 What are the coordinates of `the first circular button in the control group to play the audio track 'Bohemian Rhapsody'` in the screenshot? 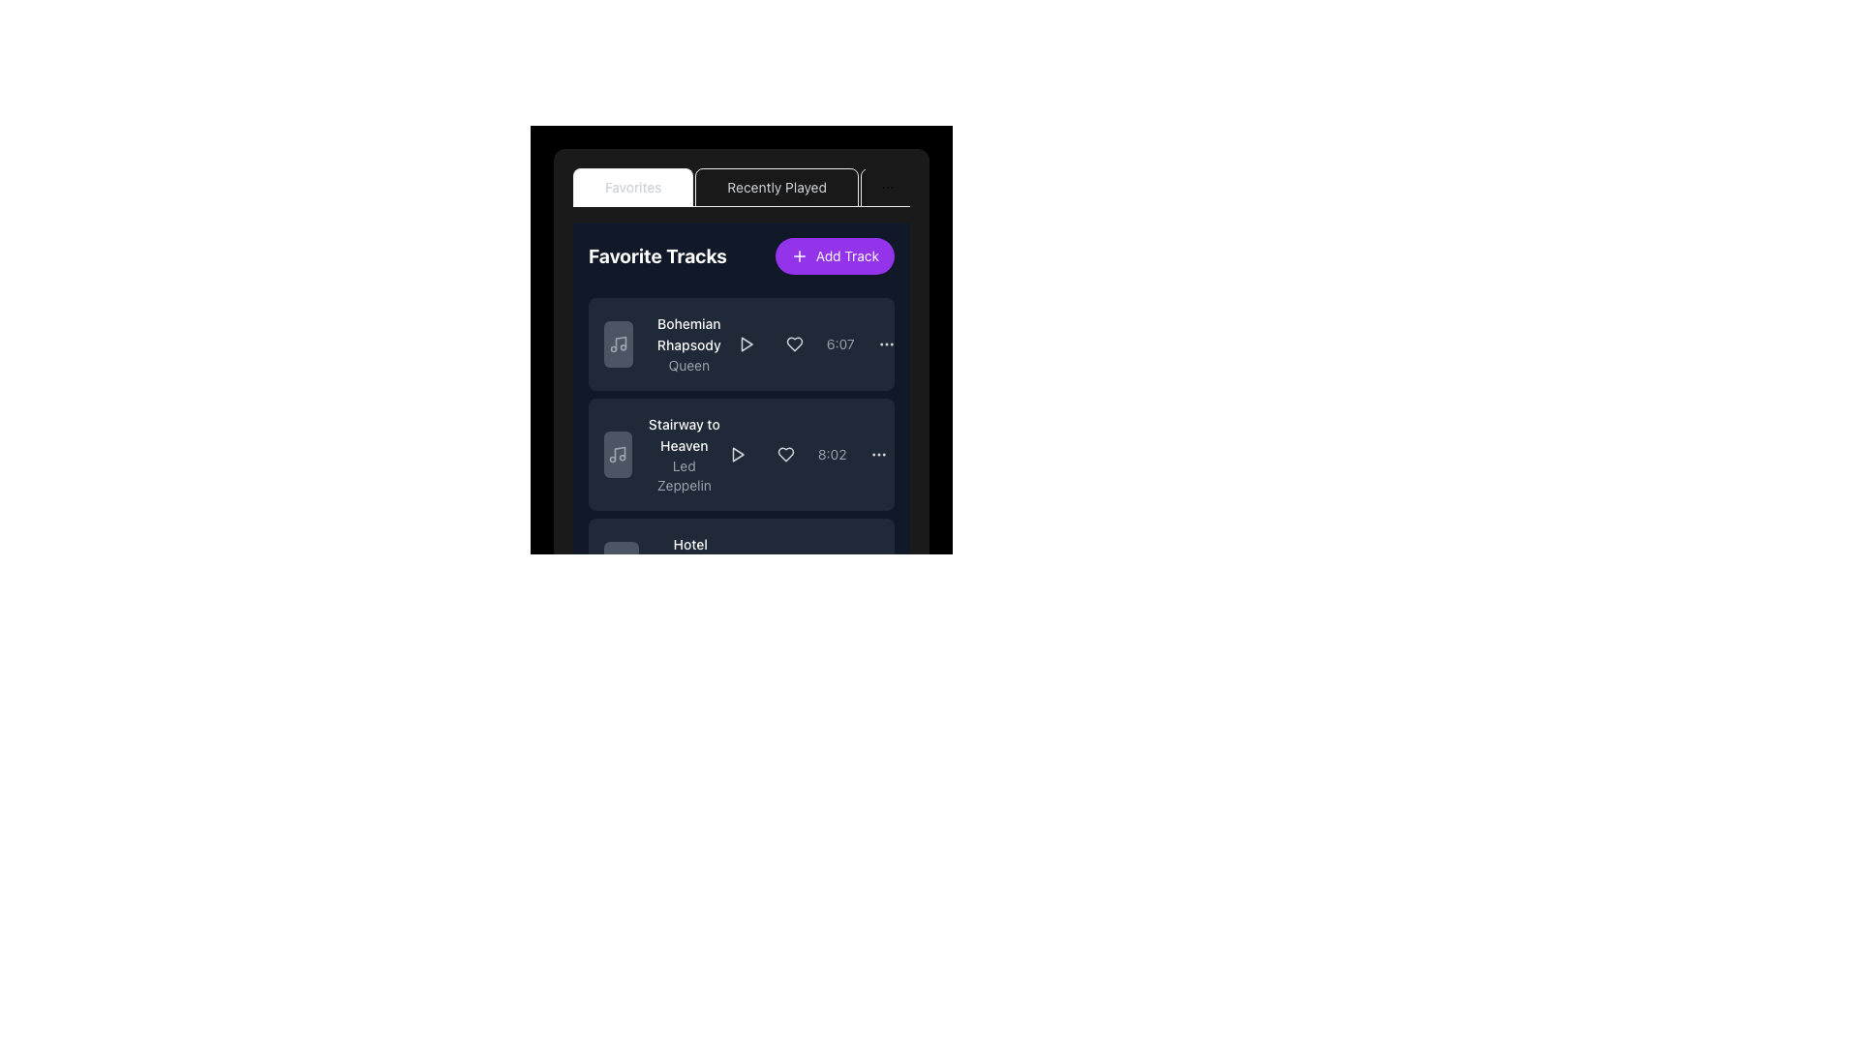 It's located at (745, 343).